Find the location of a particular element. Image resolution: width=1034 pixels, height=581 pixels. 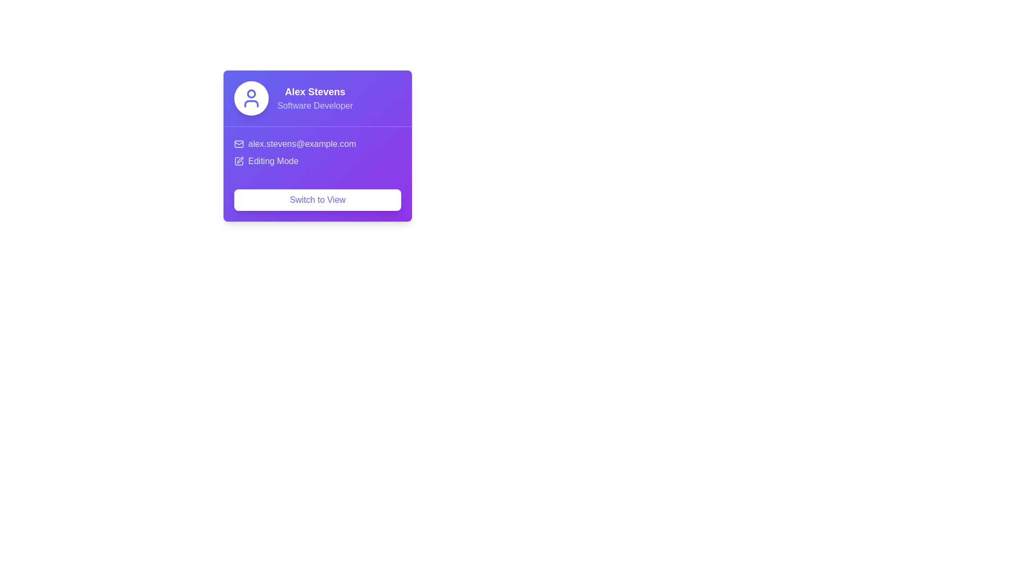

the button located at the bottom of the profile card with a purple gradient background to observe visual feedback is located at coordinates (317, 200).